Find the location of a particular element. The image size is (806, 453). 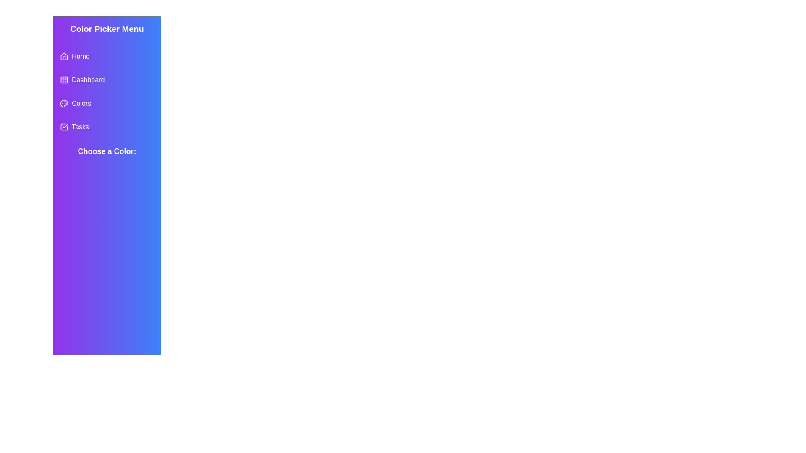

the 'Home' menu item in the Color Picker Menu for keyboard navigation is located at coordinates (106, 57).